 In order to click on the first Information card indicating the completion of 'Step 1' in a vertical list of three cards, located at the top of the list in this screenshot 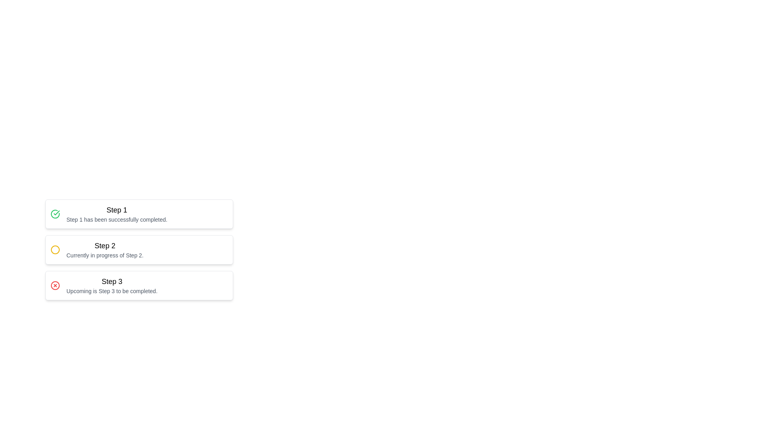, I will do `click(139, 214)`.